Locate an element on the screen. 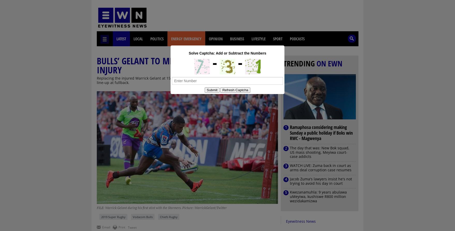 Image resolution: width=455 pixels, height=231 pixels. 'Chiefs Rugby' is located at coordinates (160, 217).